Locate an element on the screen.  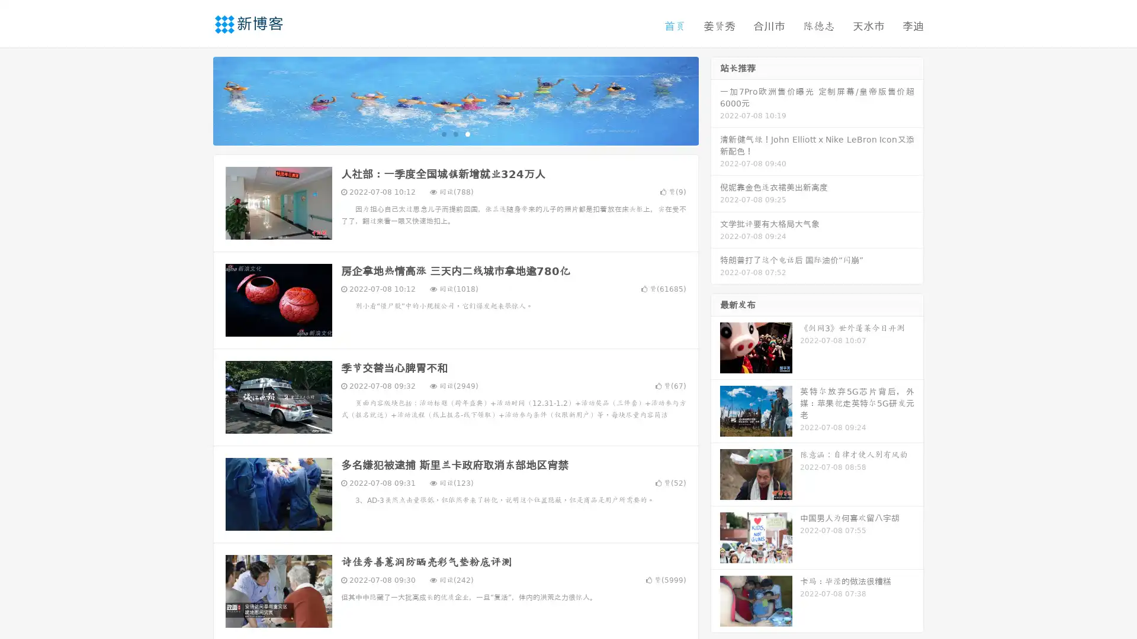
Go to slide 2 is located at coordinates (455, 133).